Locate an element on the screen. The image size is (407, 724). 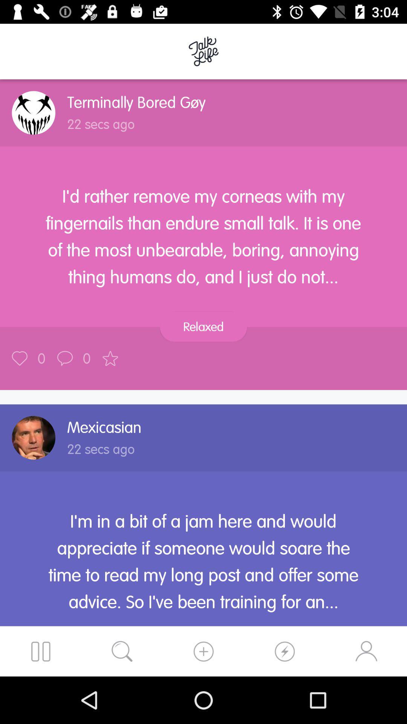
the swap icon is located at coordinates (285, 651).